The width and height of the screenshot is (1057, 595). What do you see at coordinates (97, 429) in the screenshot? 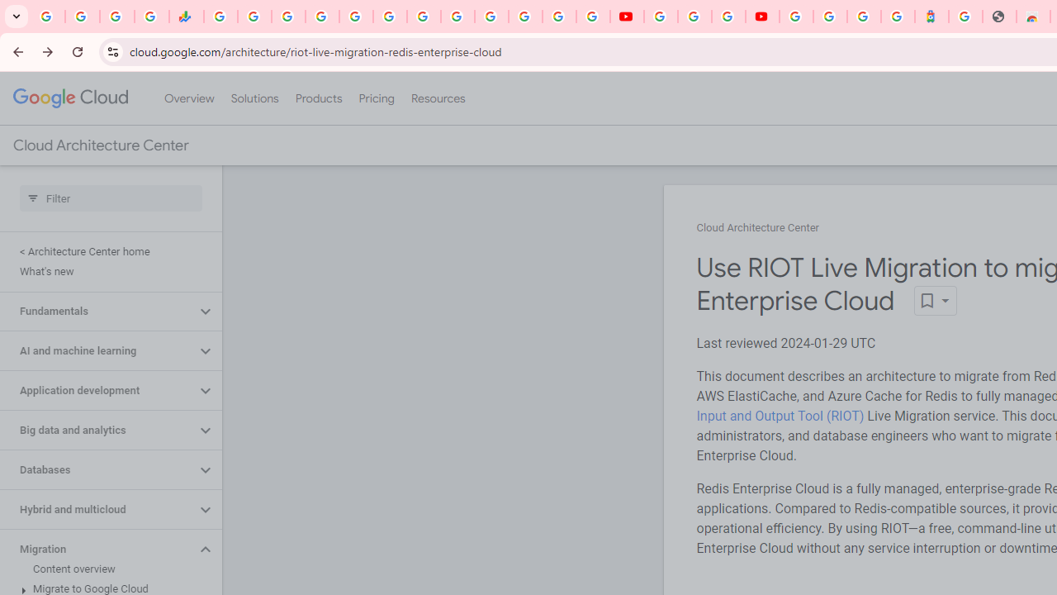
I see `'Big data and analytics'` at bounding box center [97, 429].